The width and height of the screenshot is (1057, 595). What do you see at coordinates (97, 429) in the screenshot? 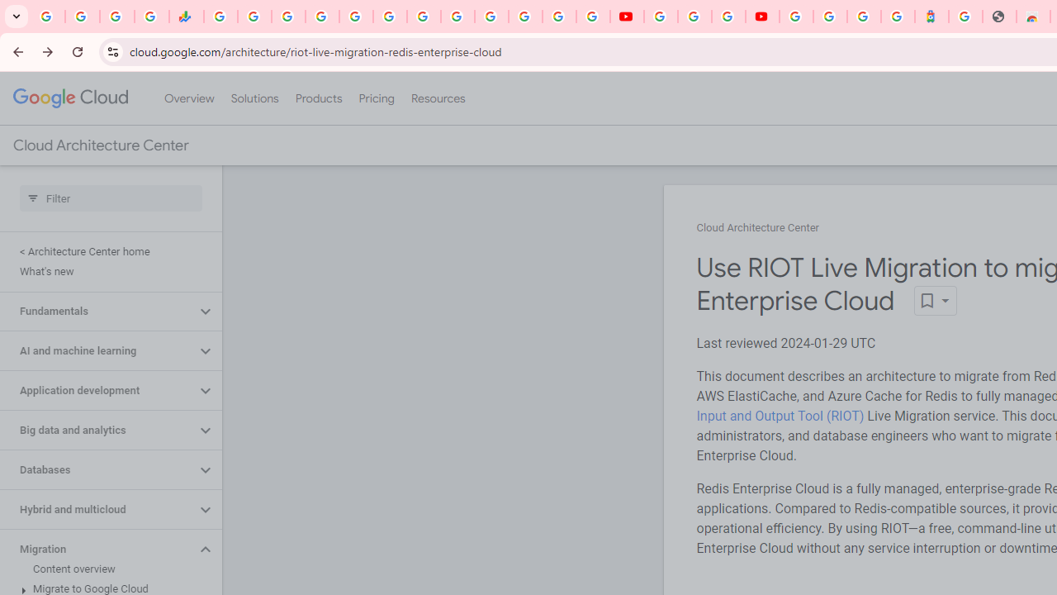
I see `'Big data and analytics'` at bounding box center [97, 429].